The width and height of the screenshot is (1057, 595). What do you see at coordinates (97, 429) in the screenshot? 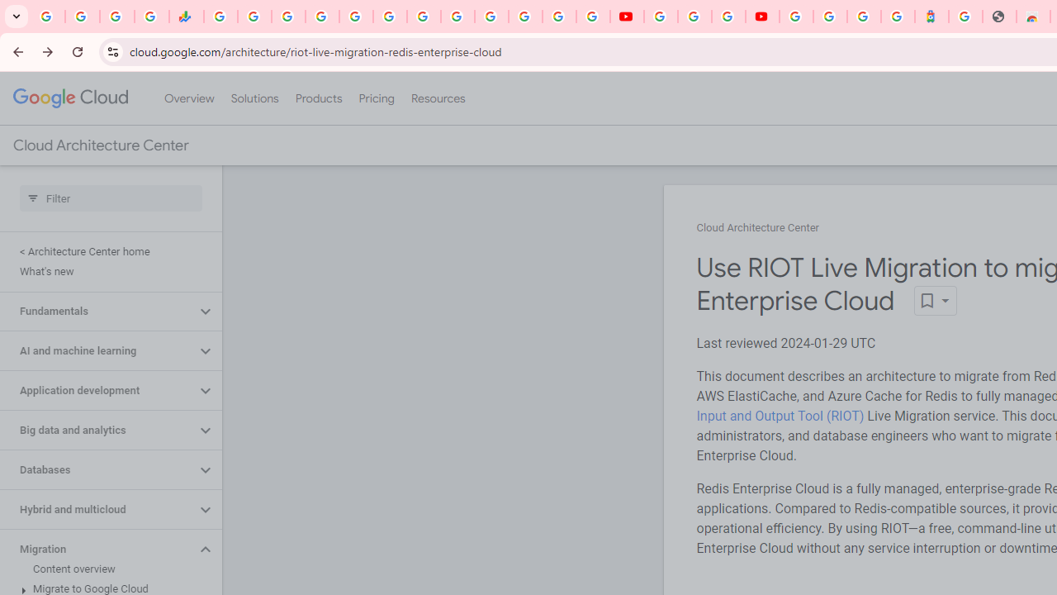
I see `'Big data and analytics'` at bounding box center [97, 429].